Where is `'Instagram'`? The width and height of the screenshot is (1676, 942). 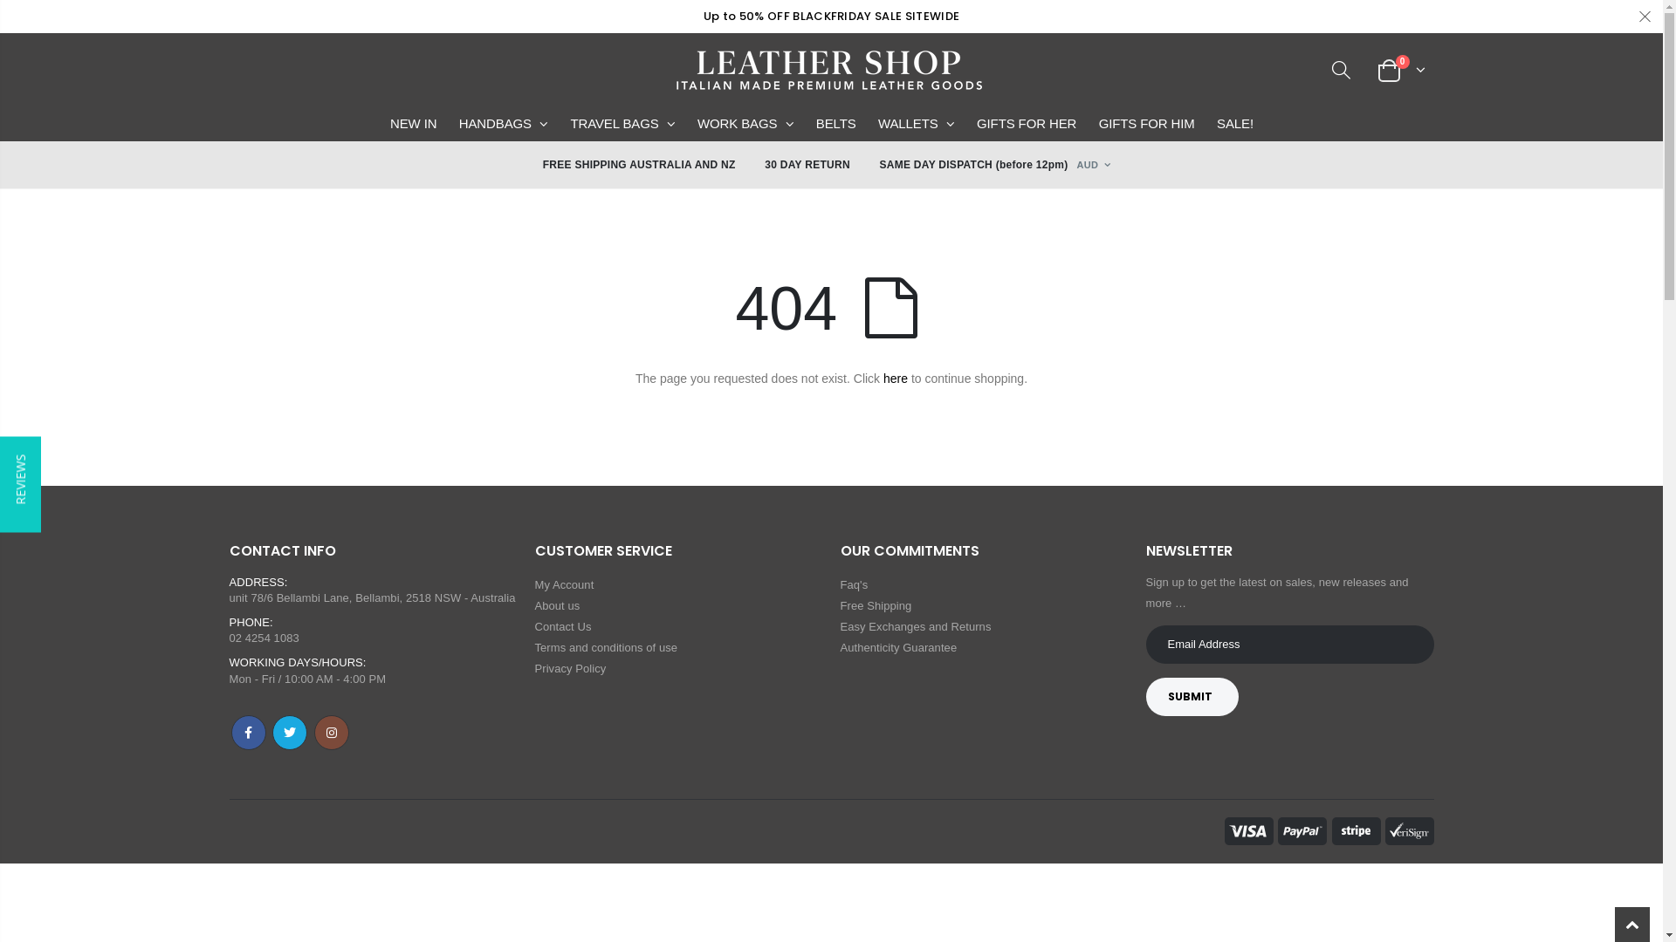
'Instagram' is located at coordinates (331, 733).